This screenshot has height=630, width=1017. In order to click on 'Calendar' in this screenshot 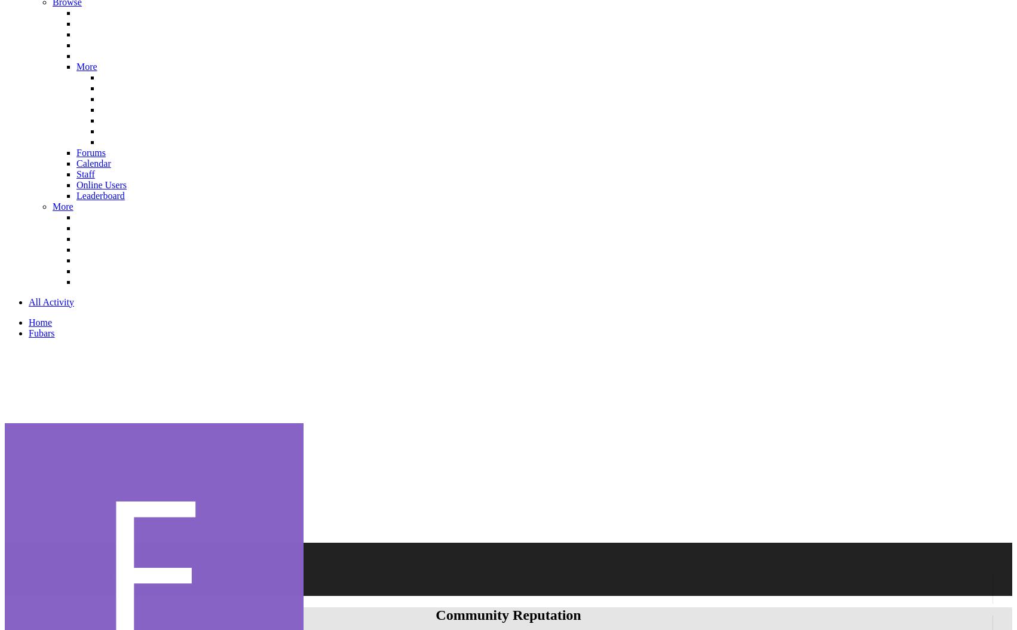, I will do `click(93, 162)`.